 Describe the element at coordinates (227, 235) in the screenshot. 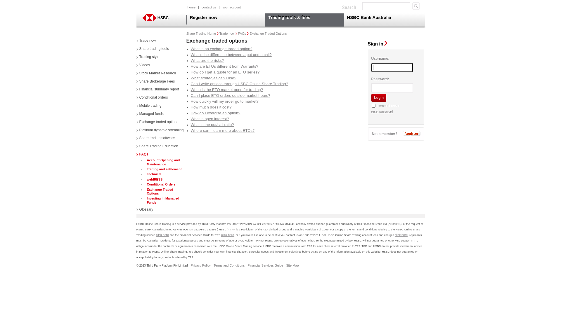

I see `'click here'` at that location.